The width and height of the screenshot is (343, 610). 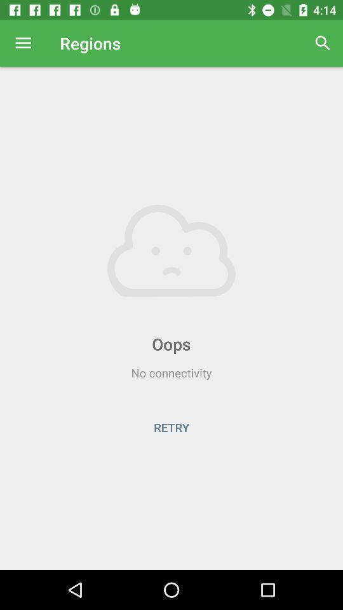 What do you see at coordinates (171, 427) in the screenshot?
I see `the retry` at bounding box center [171, 427].